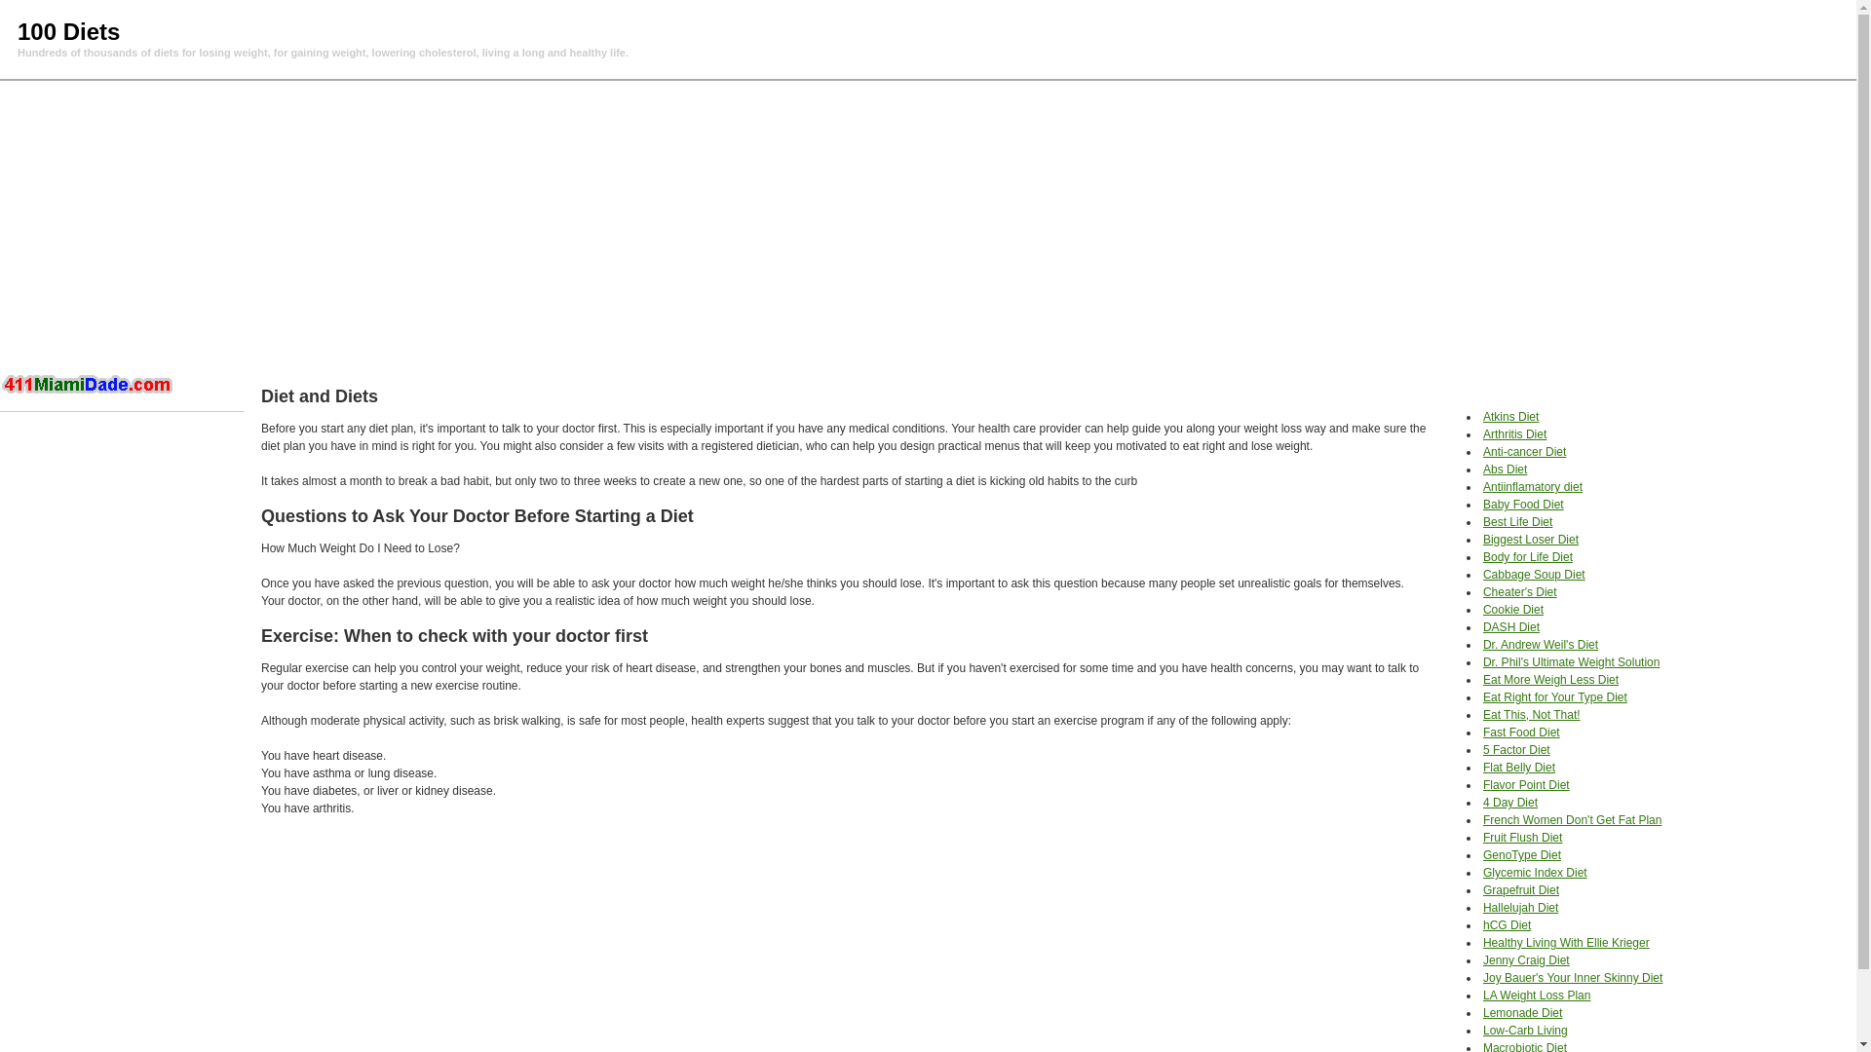 The width and height of the screenshot is (1871, 1052). Describe the element at coordinates (1504, 470) in the screenshot. I see `'Abs Diet'` at that location.